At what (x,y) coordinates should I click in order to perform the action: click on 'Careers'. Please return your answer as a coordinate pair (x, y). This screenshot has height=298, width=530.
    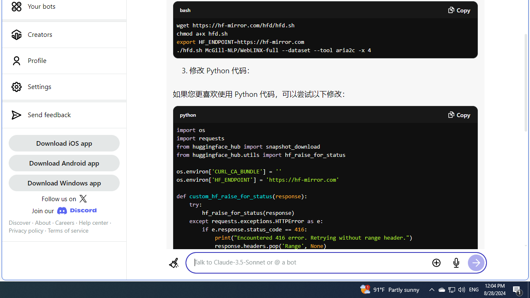
    Looking at the image, I should click on (64, 222).